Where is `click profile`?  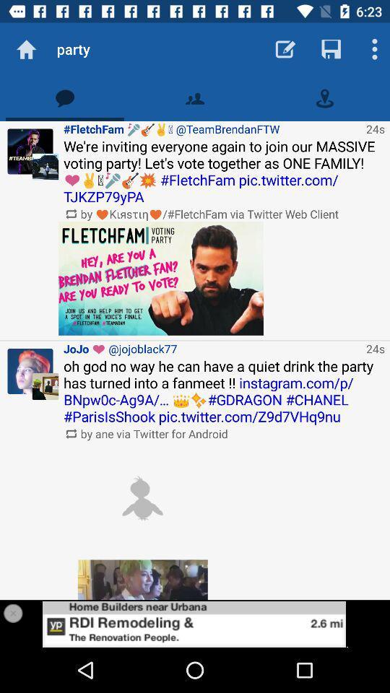
click profile is located at coordinates (30, 152).